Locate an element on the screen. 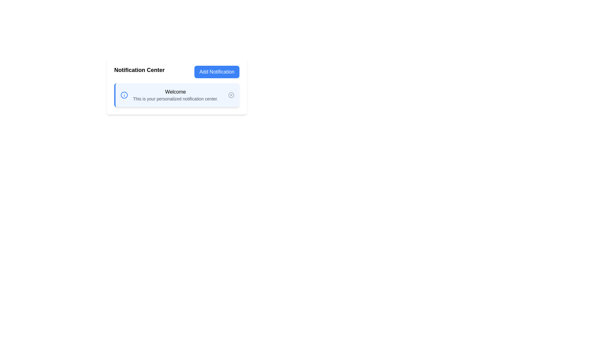 The width and height of the screenshot is (601, 338). the information icon located at the left side of the 'Welcome' notification box, which indicates that the associated content provides informational details is located at coordinates (124, 95).